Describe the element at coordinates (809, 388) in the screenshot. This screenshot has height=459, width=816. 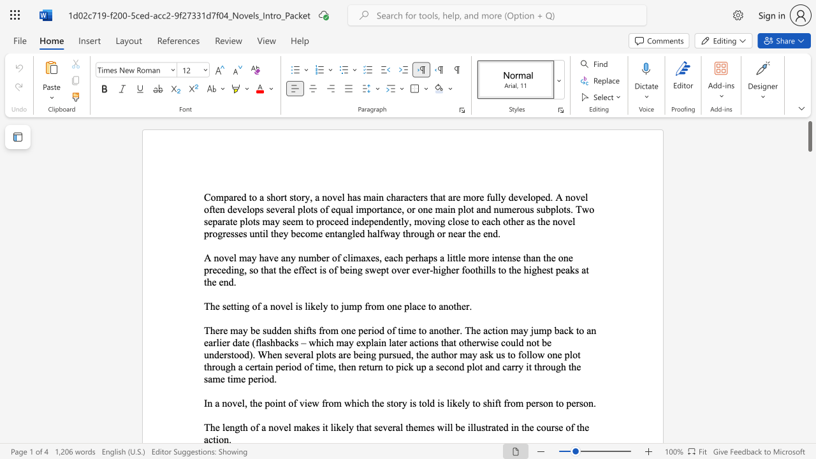
I see `the scrollbar on the right to shift the page lower` at that location.